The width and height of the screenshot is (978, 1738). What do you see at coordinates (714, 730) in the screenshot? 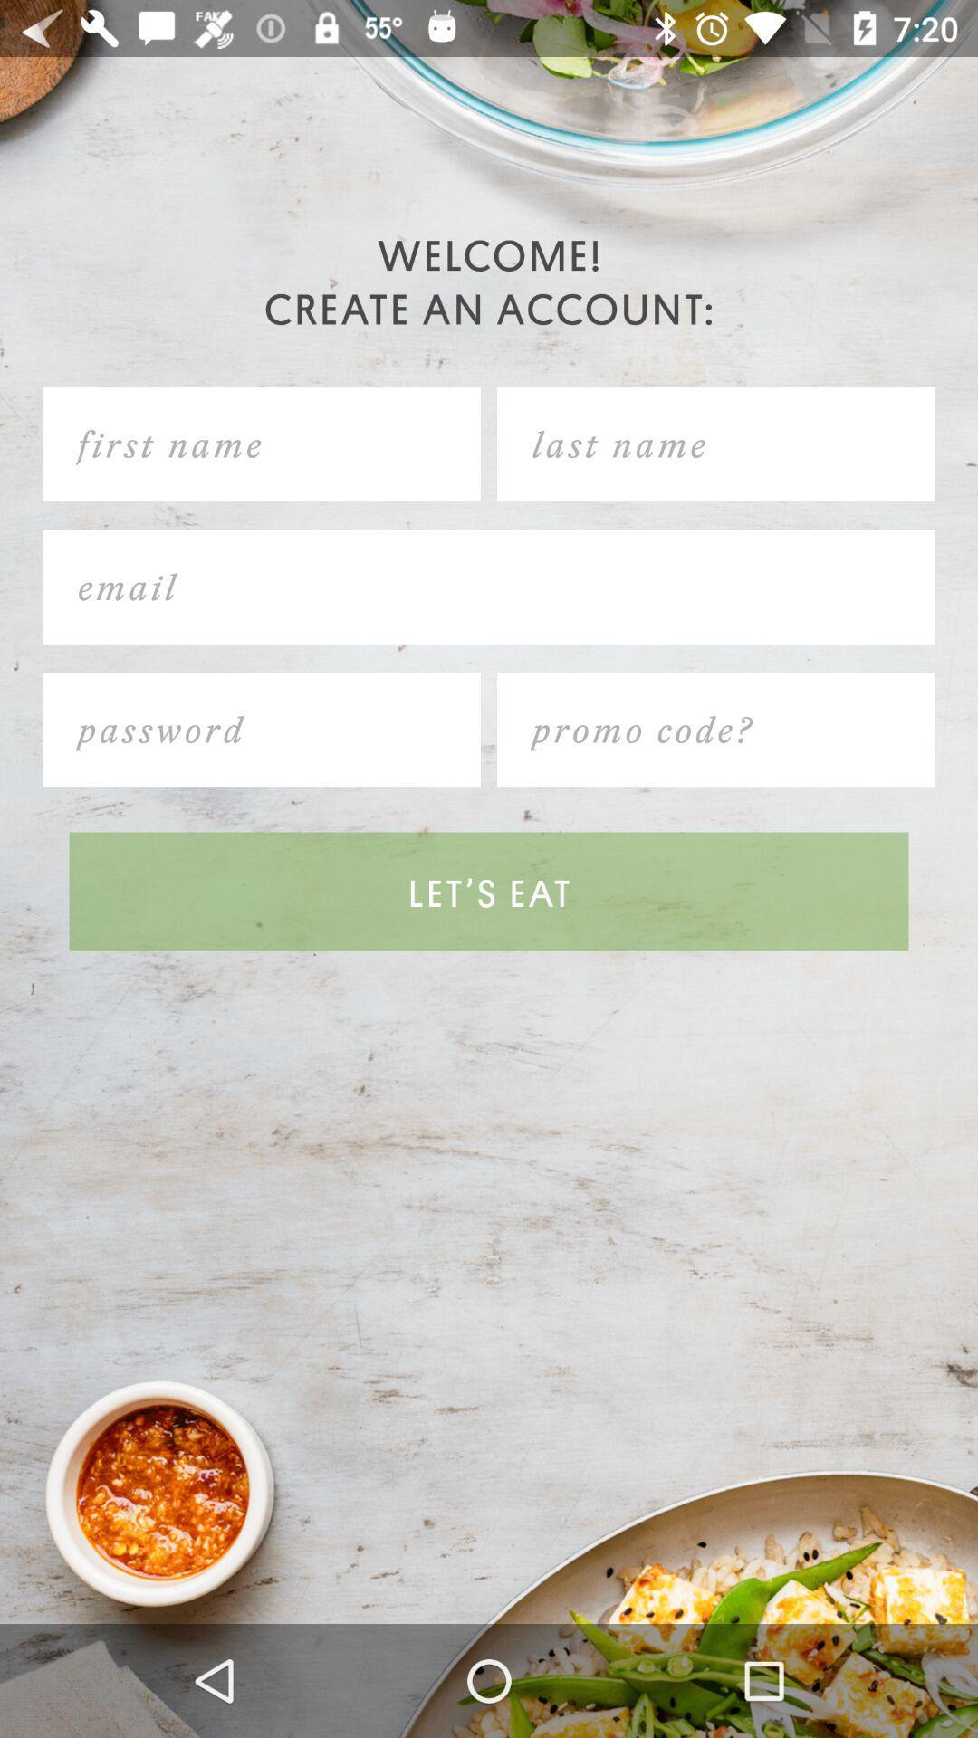
I see `promo code` at bounding box center [714, 730].